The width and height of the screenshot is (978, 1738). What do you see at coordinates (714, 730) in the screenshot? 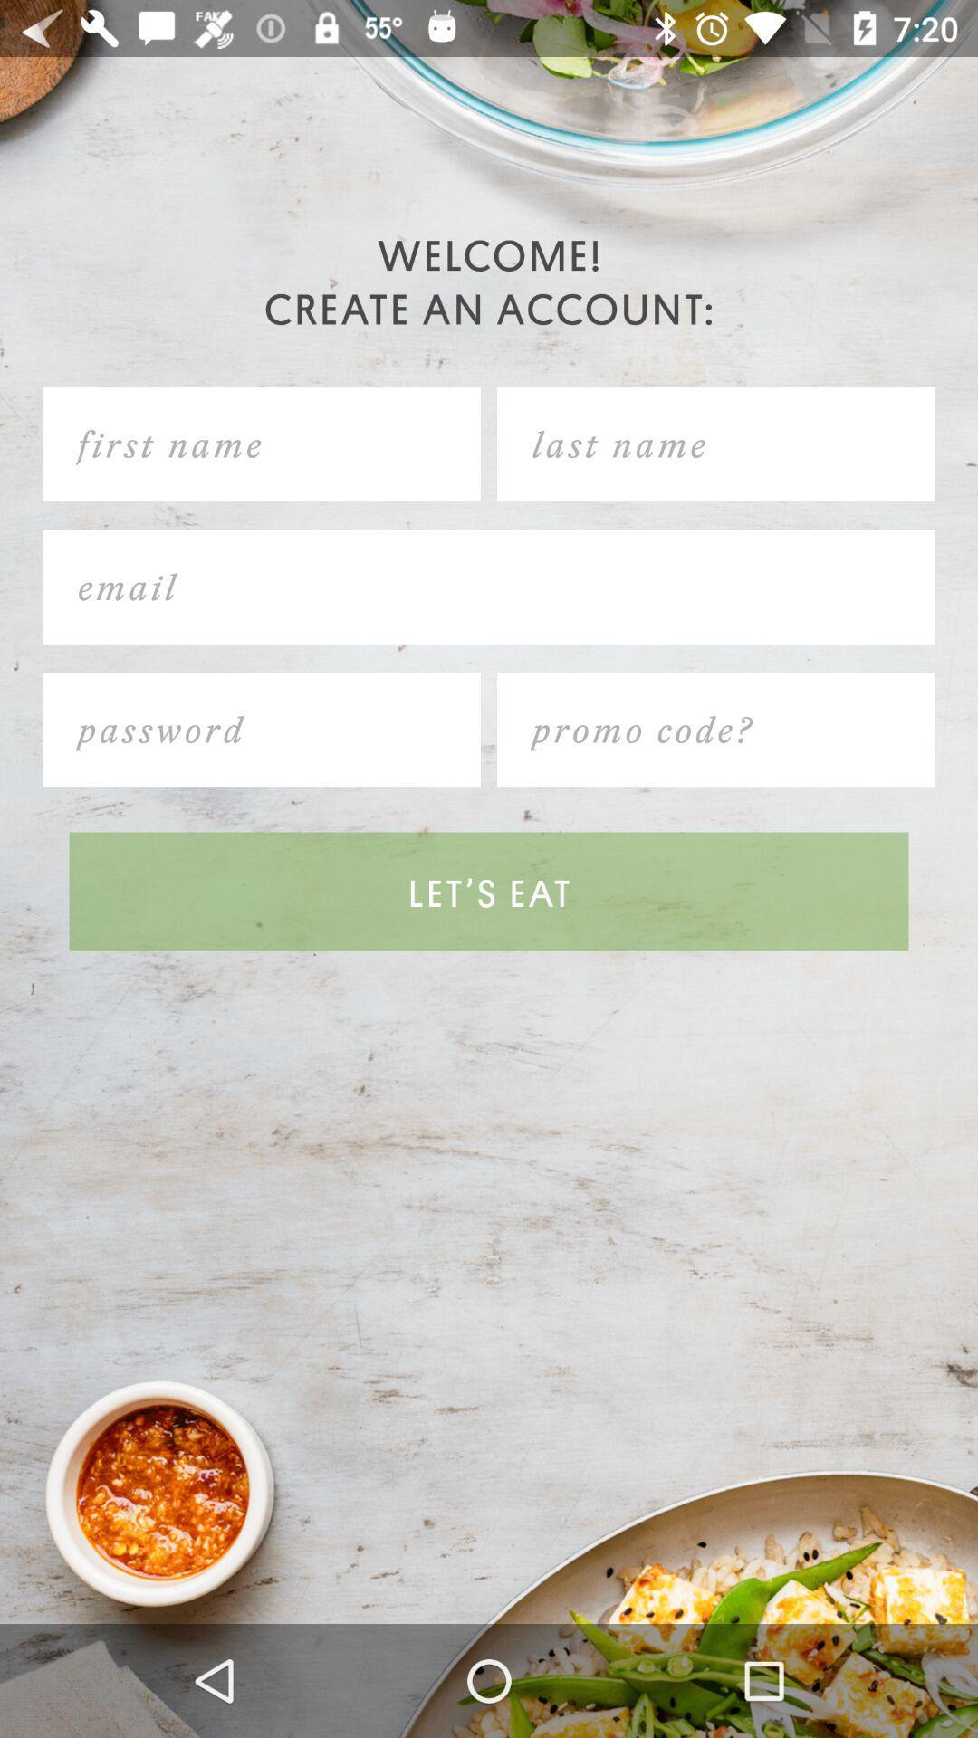
I see `promo code` at bounding box center [714, 730].